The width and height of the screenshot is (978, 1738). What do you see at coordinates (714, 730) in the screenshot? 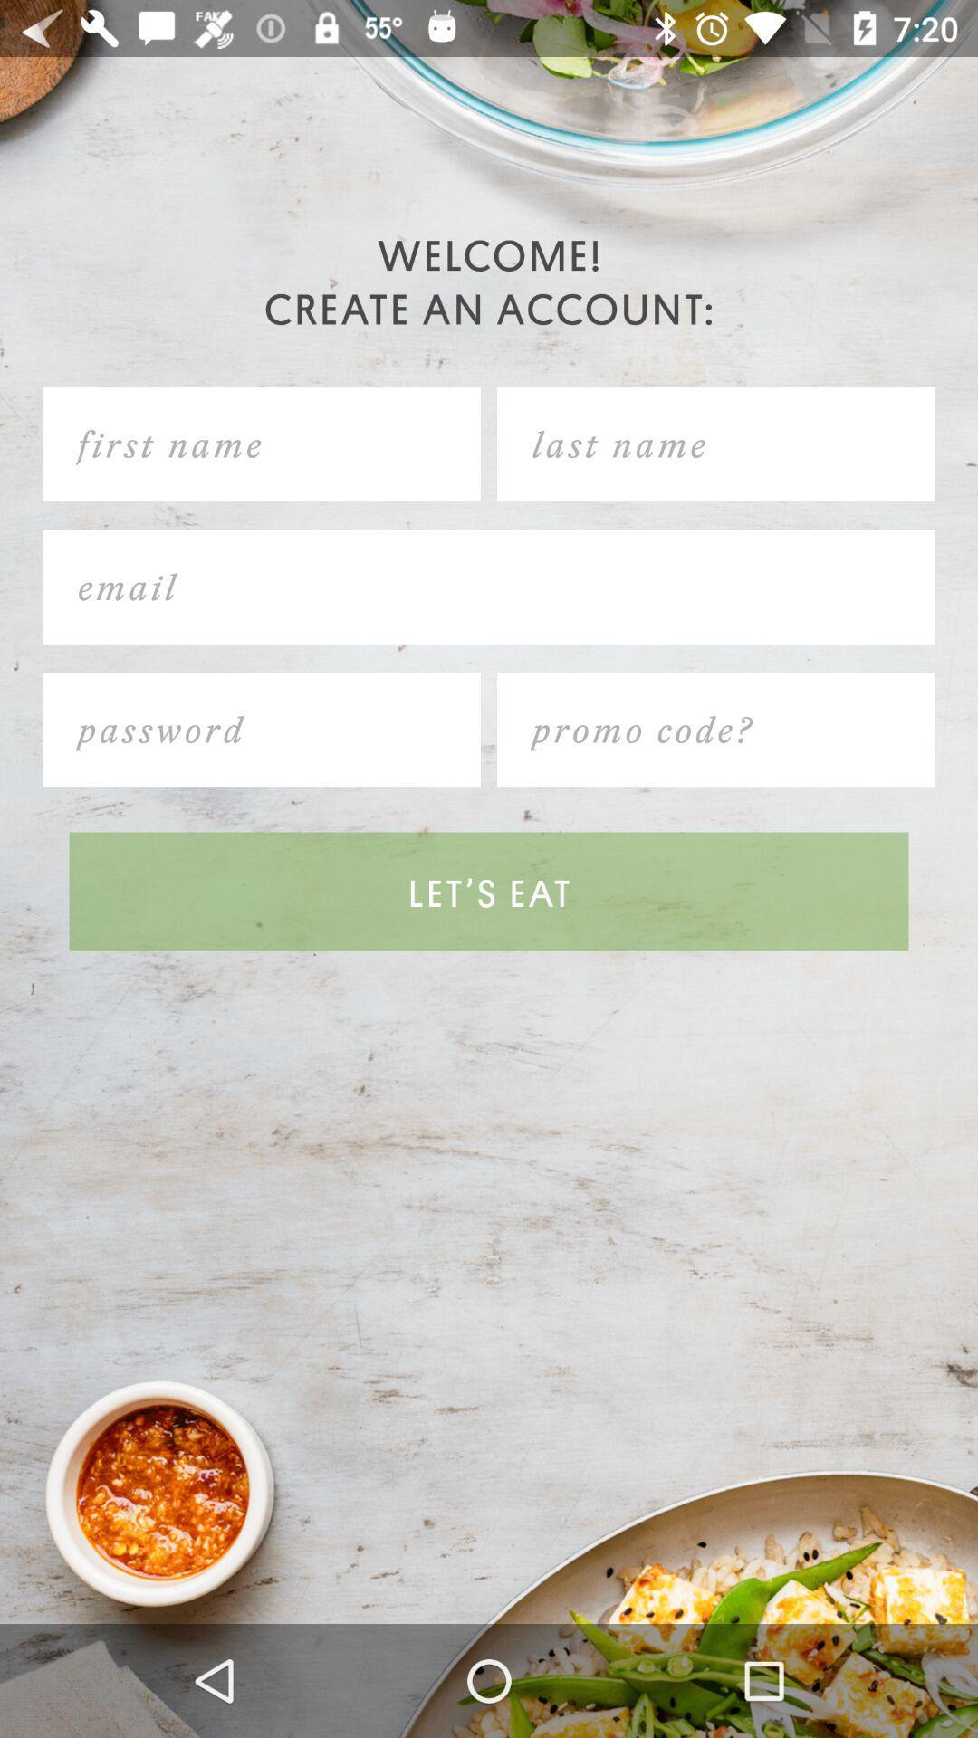
I see `promo code` at bounding box center [714, 730].